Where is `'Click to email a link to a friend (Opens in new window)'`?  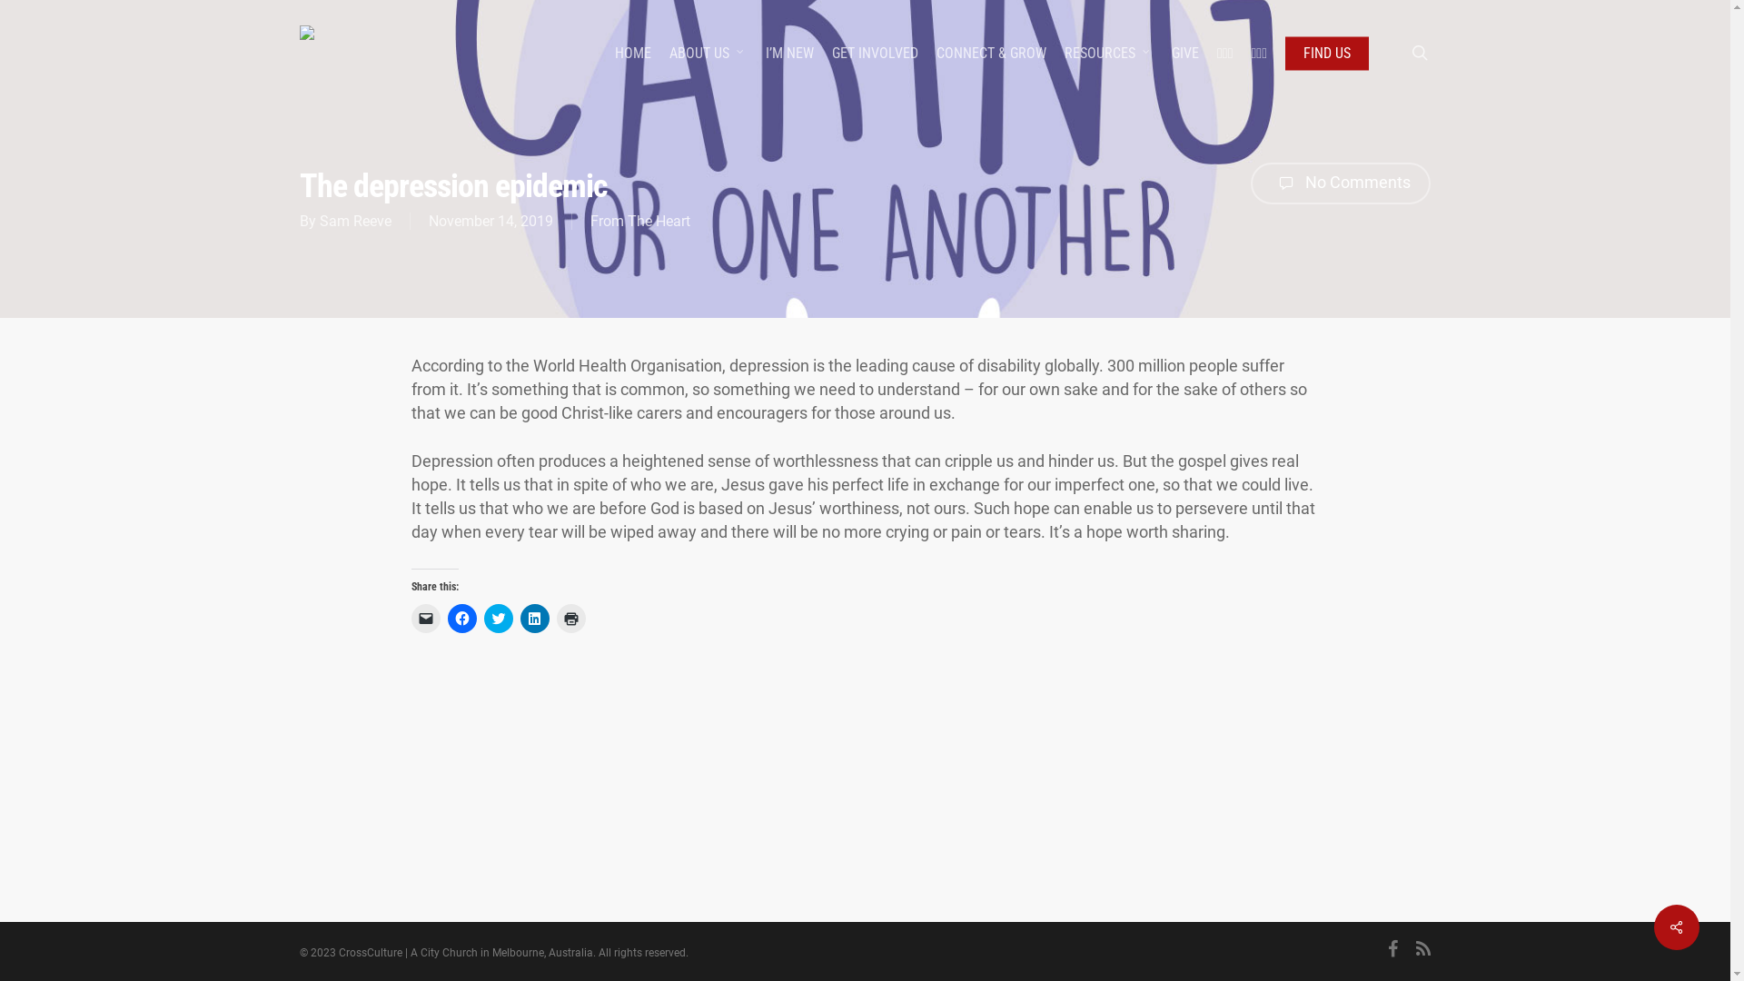
'Click to email a link to a friend (Opens in new window)' is located at coordinates (423, 618).